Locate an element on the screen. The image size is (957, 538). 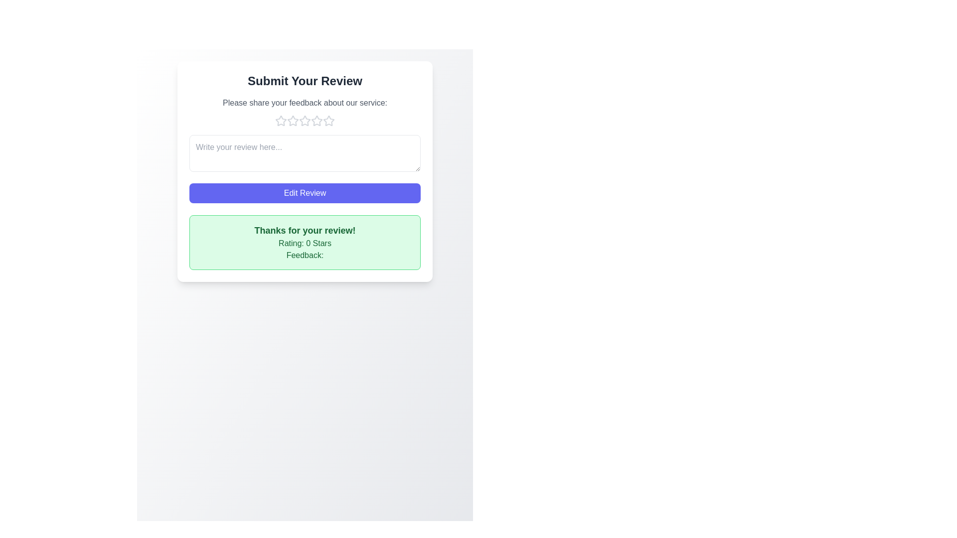
the star rating to 2 by clicking on the corresponding star is located at coordinates (293, 121).